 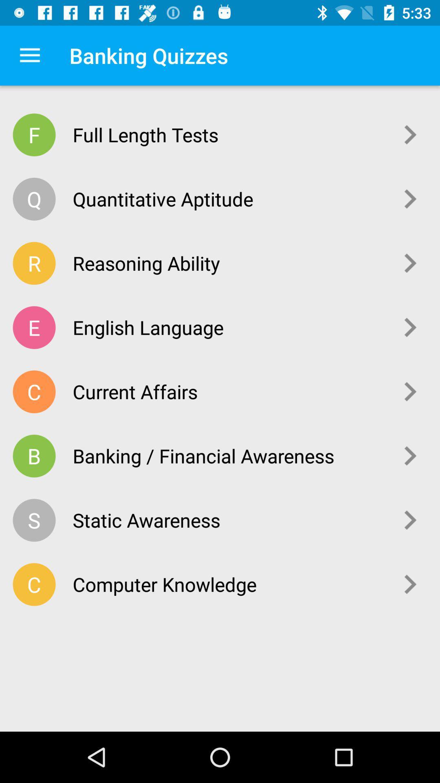 What do you see at coordinates (410, 391) in the screenshot?
I see `the item to the right of the current affairs icon` at bounding box center [410, 391].